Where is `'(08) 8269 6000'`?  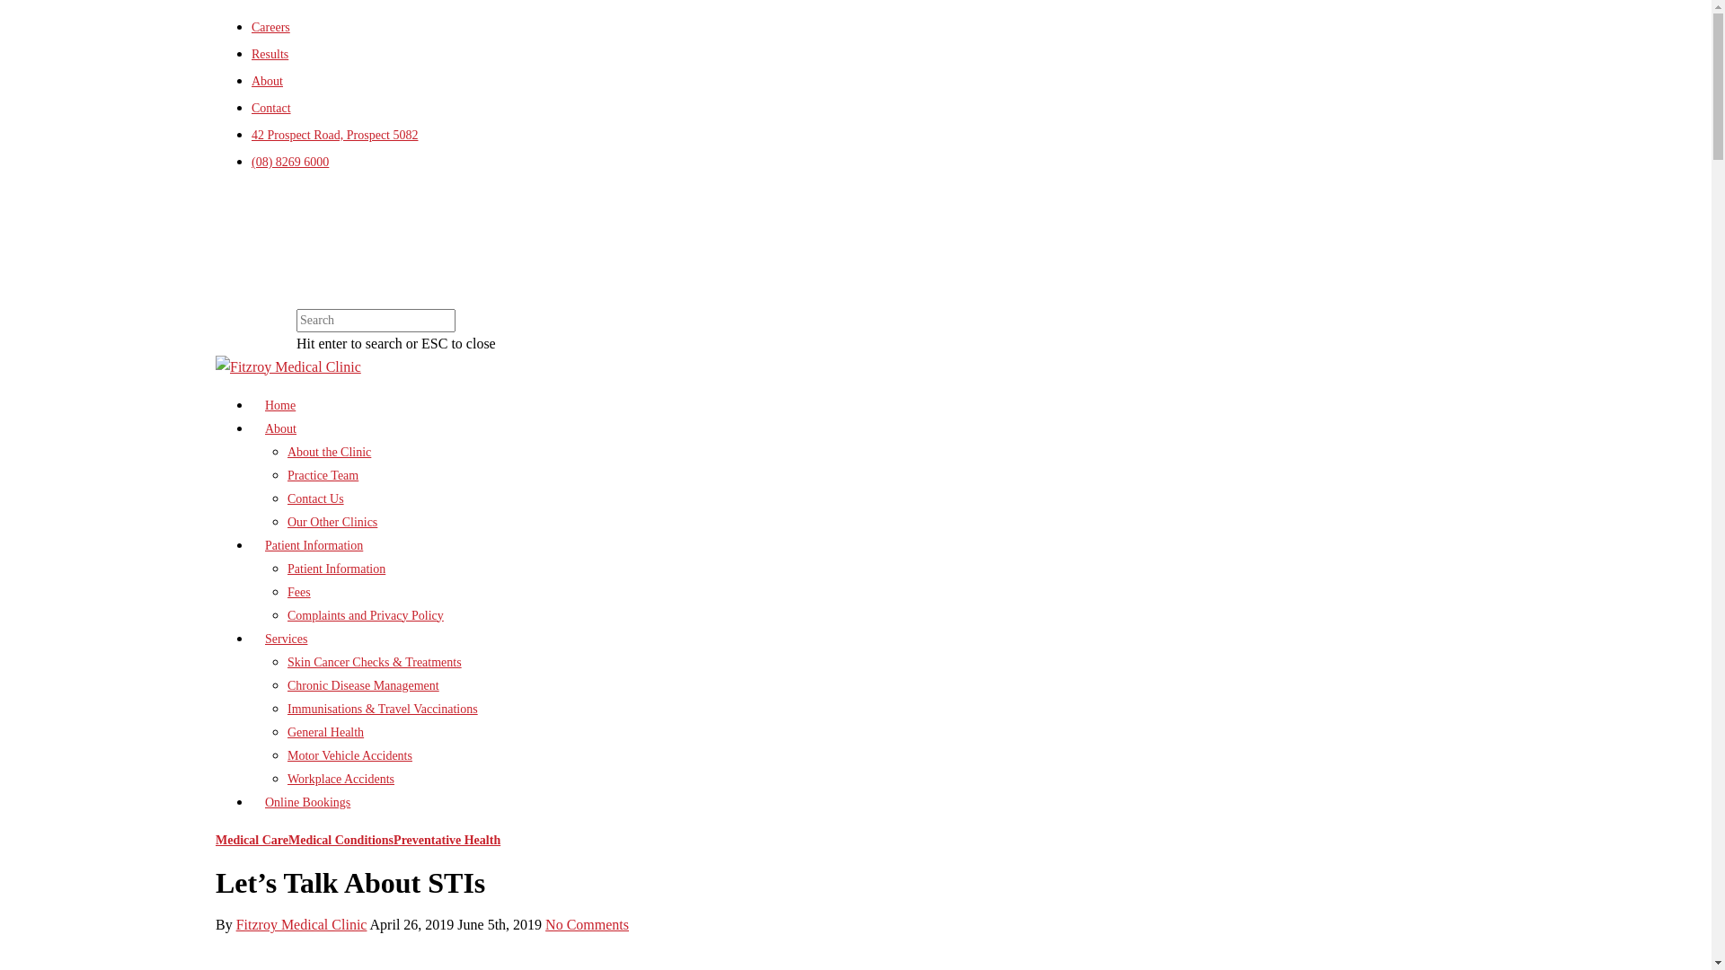 '(08) 8269 6000' is located at coordinates (289, 162).